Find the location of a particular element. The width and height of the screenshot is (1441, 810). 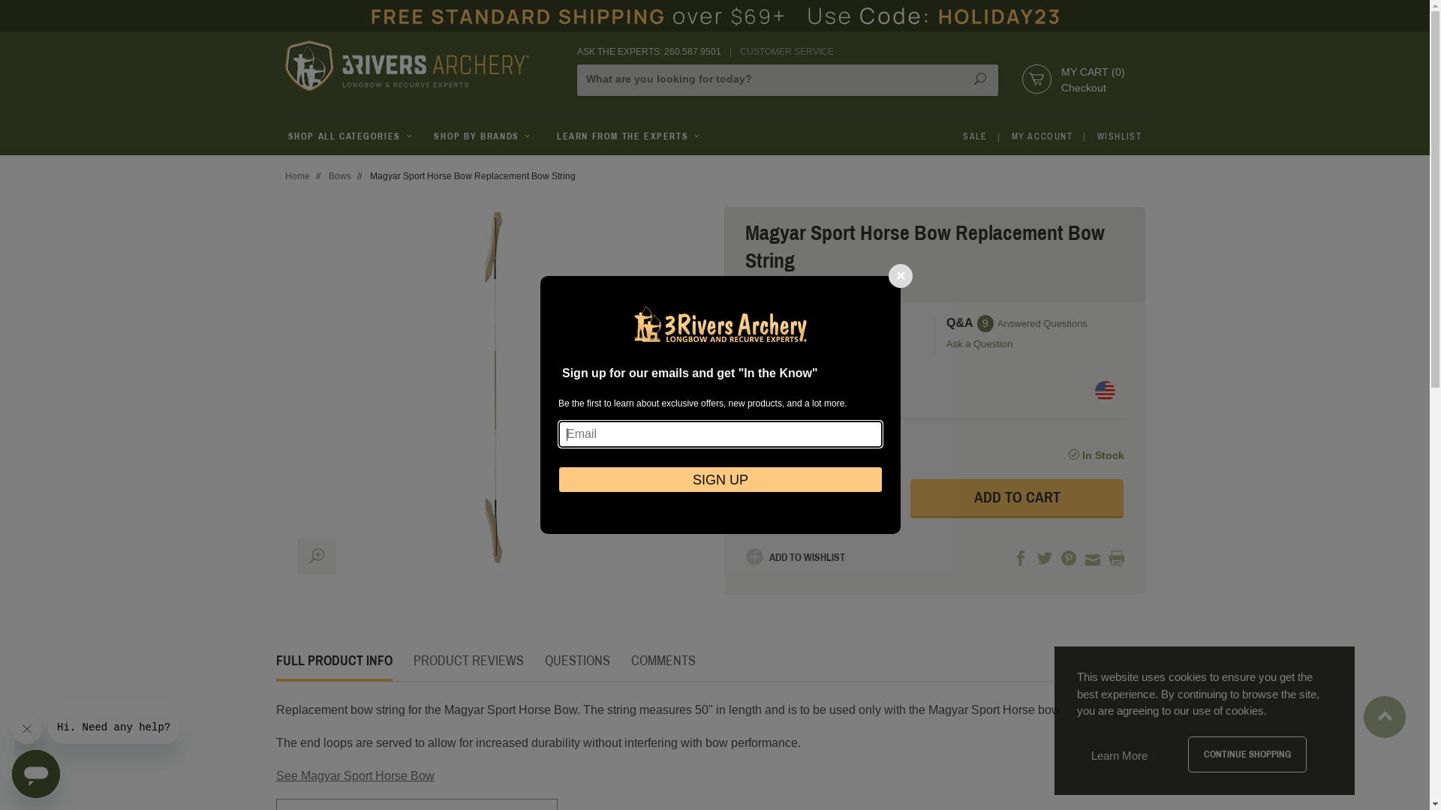

'LEARN FROM THE EXPERTS' is located at coordinates (629, 136).